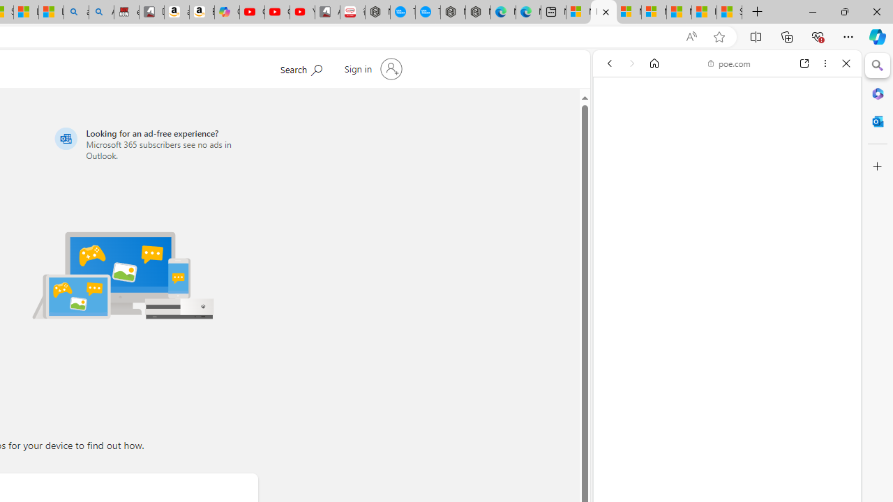 The image size is (893, 502). What do you see at coordinates (372, 69) in the screenshot?
I see `'Sign in to your account'` at bounding box center [372, 69].